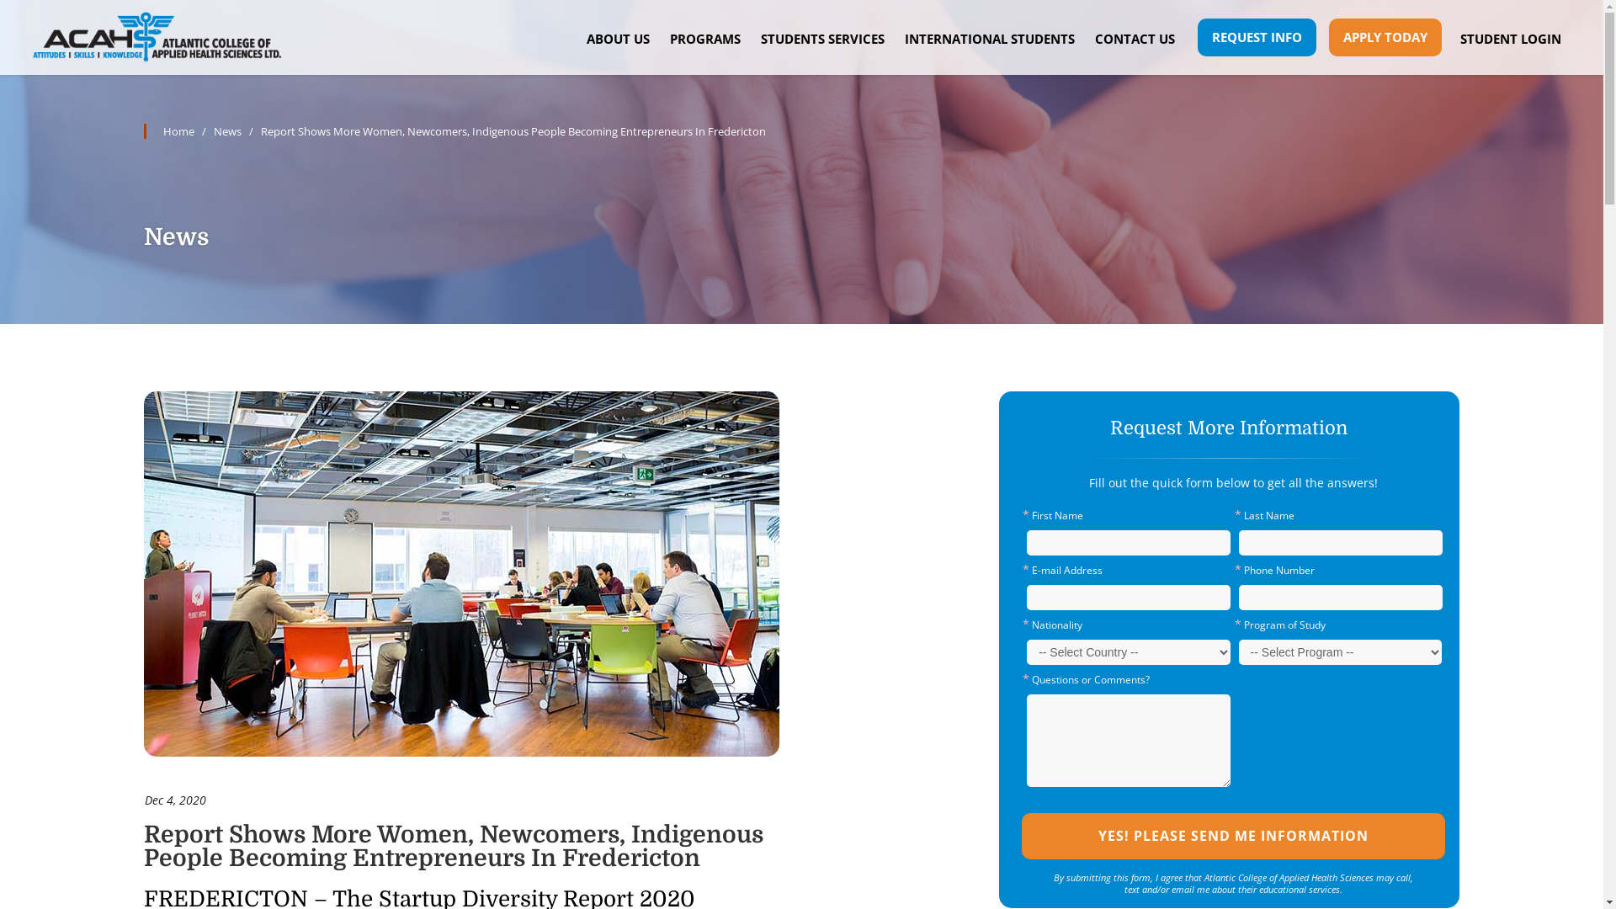 This screenshot has height=909, width=1616. I want to click on 'REQUEST INFO', so click(1257, 37).